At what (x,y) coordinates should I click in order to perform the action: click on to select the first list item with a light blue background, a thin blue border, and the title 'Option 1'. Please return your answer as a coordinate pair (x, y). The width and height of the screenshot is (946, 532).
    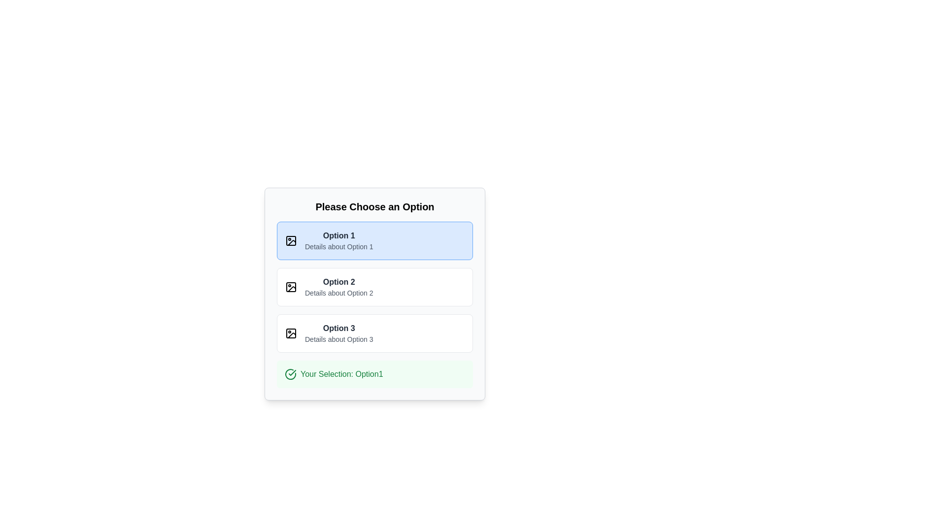
    Looking at the image, I should click on (374, 241).